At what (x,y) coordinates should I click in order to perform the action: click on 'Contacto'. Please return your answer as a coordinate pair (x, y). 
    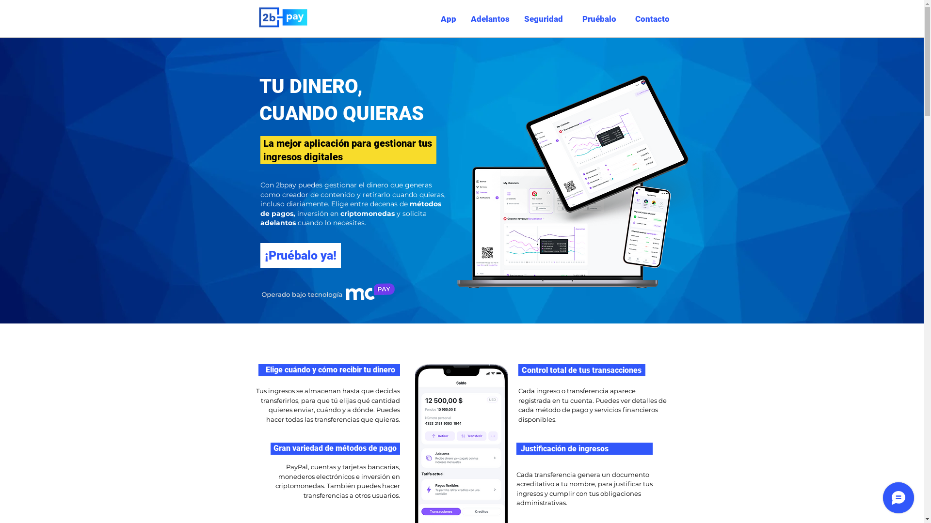
    Looking at the image, I should click on (650, 18).